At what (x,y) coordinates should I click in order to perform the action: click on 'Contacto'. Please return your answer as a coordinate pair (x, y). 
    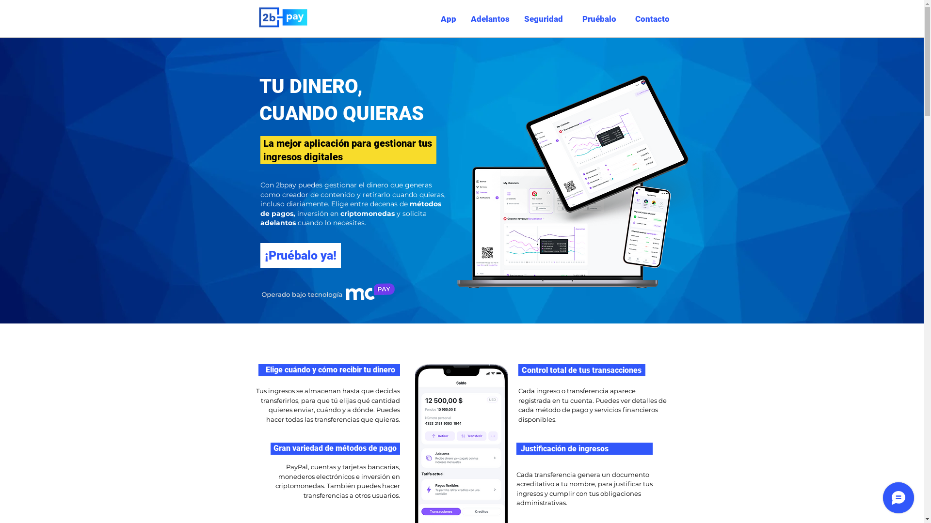
    Looking at the image, I should click on (650, 18).